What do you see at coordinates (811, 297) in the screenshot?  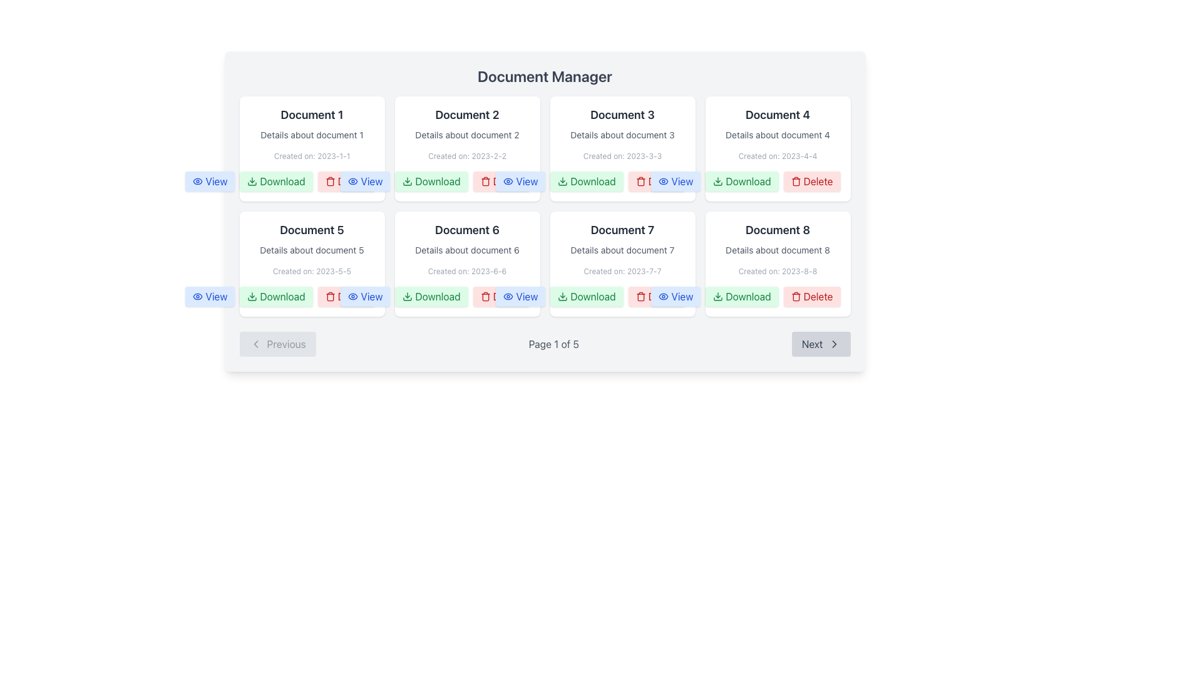 I see `the 'Delete' button located at the bottom-right corner of the document grid for the last document titled 'Document 8'` at bounding box center [811, 297].